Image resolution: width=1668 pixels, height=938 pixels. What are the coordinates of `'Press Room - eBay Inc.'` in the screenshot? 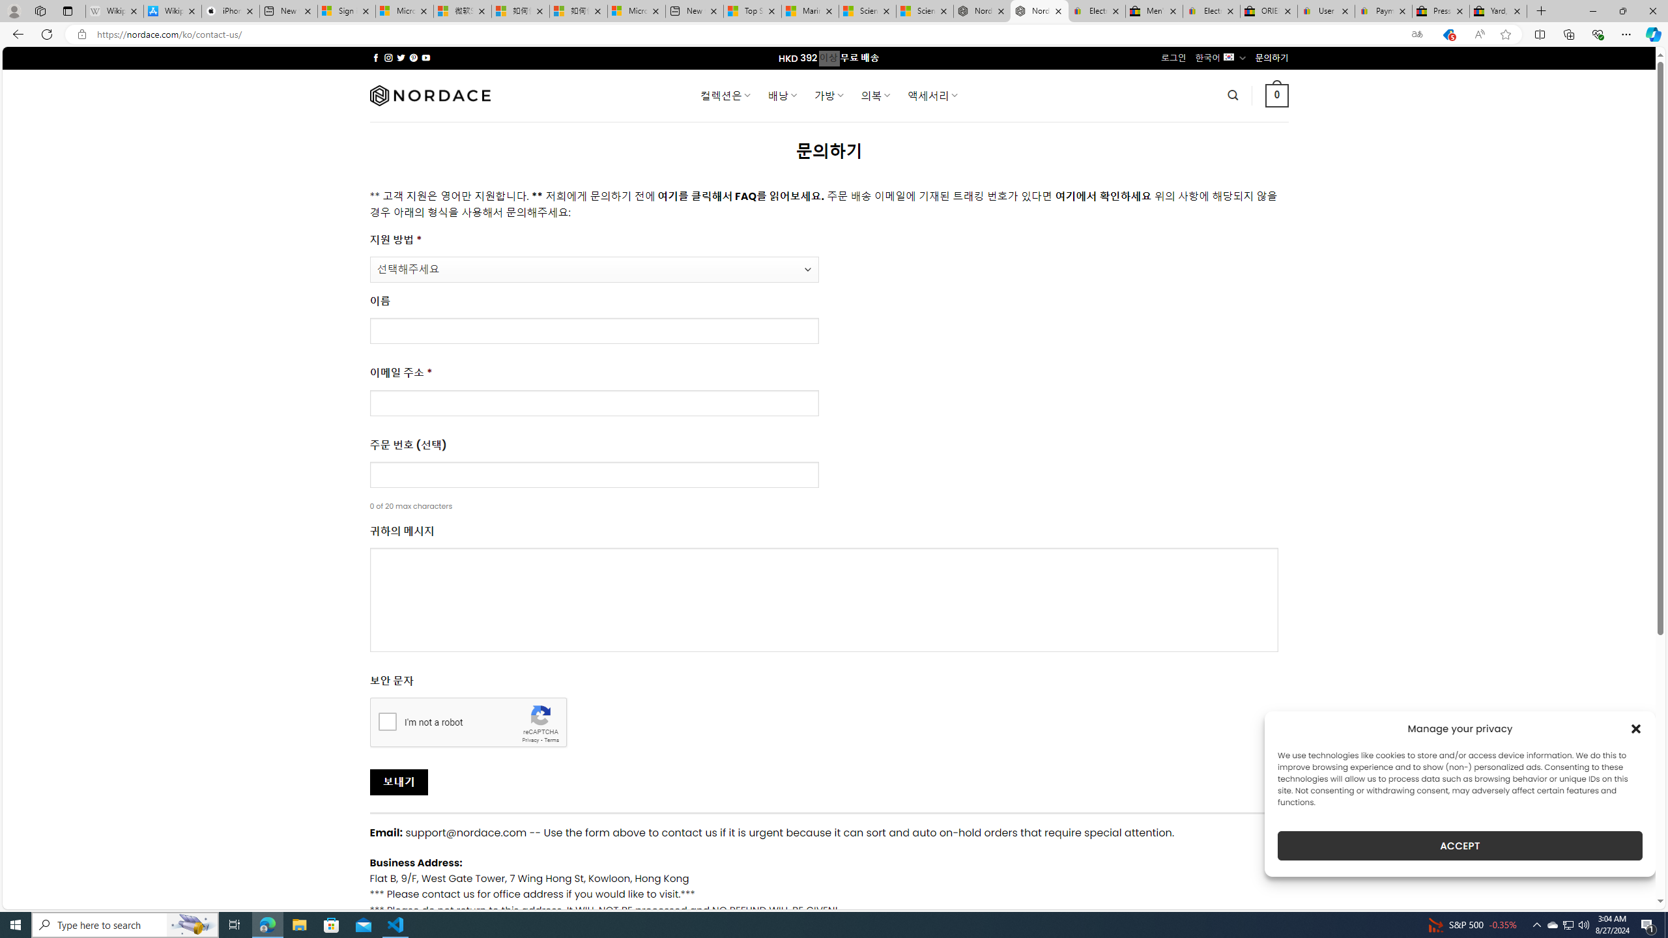 It's located at (1439, 10).